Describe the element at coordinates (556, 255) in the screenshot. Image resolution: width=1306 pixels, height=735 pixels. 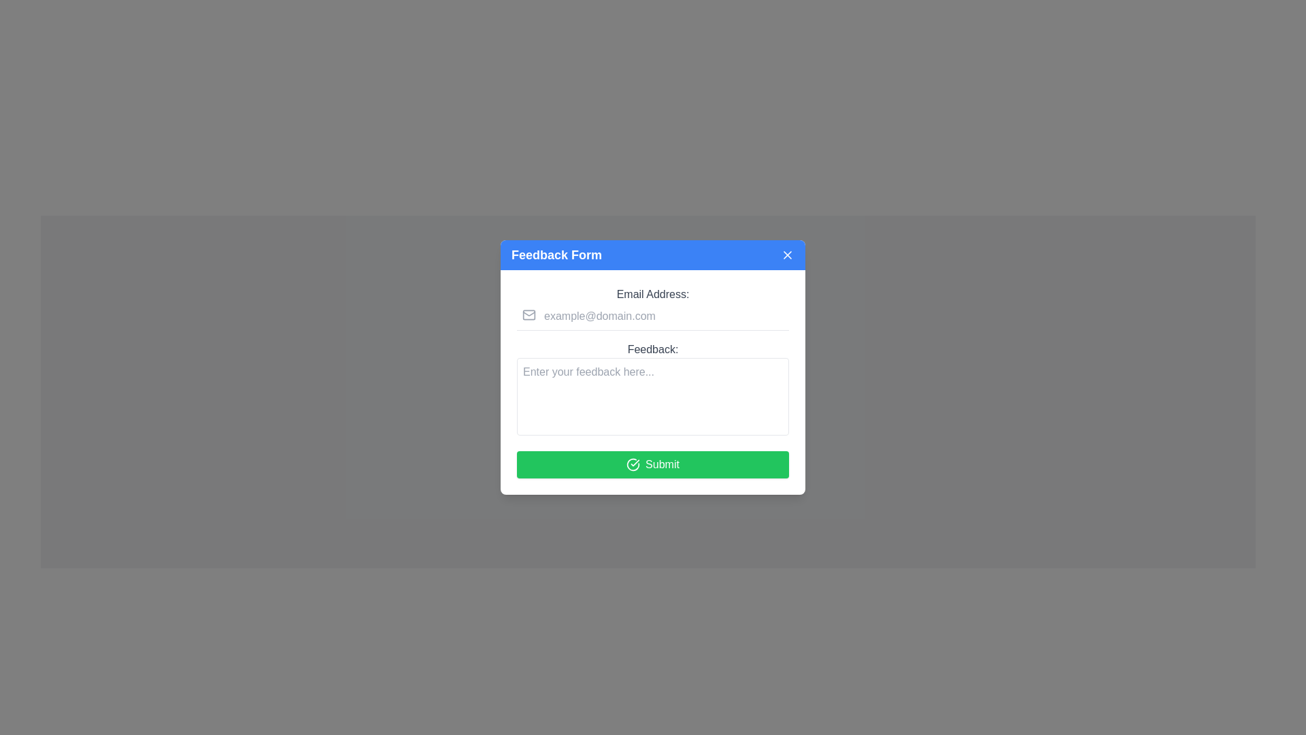
I see `the 'Feedback Form' title text label located in the top-left area of the header bar, which has a blue background and is positioned to the left of the close button` at that location.